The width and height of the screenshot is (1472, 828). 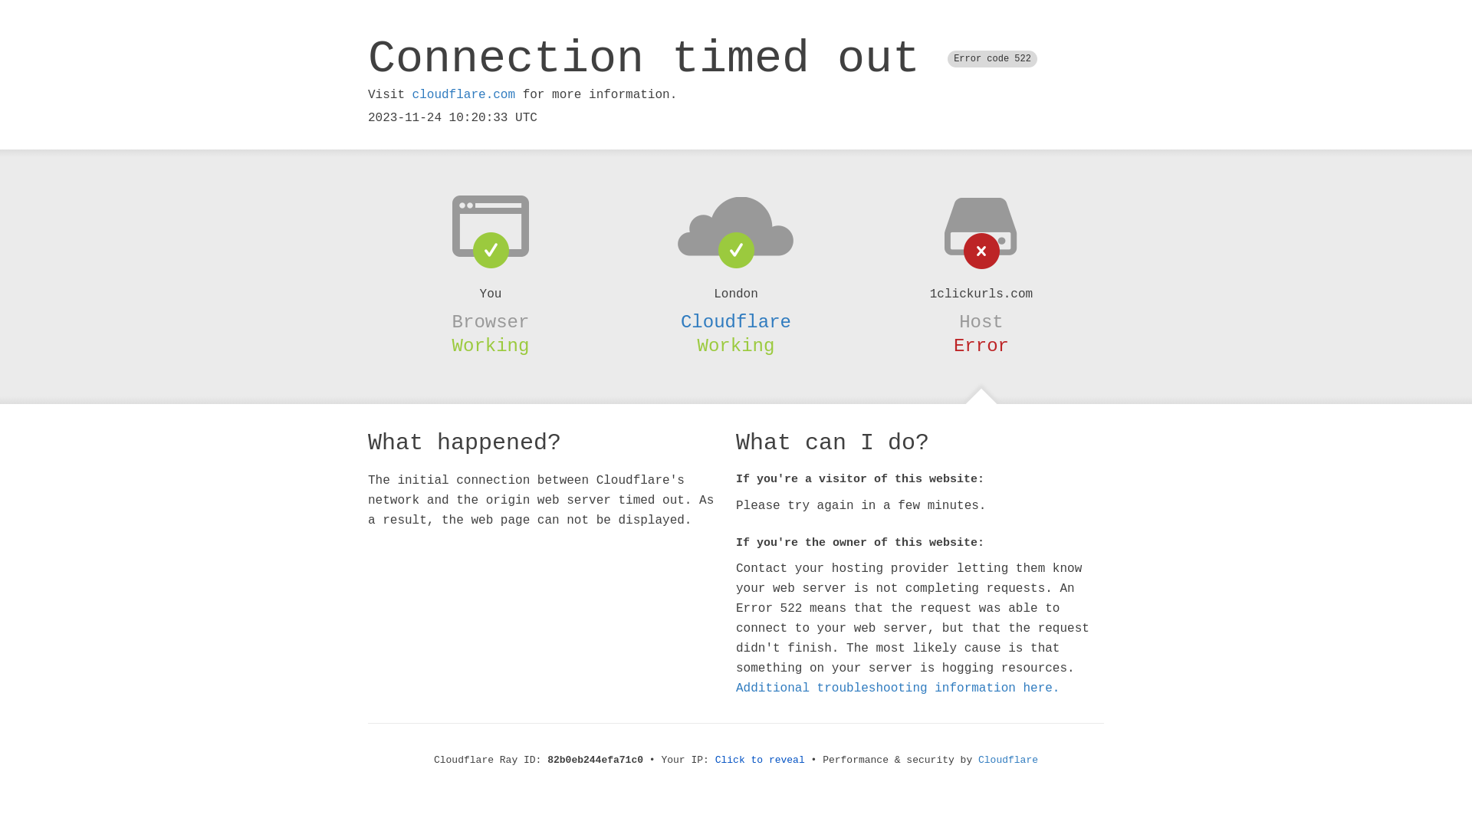 What do you see at coordinates (898, 688) in the screenshot?
I see `'Additional troubleshooting information here.'` at bounding box center [898, 688].